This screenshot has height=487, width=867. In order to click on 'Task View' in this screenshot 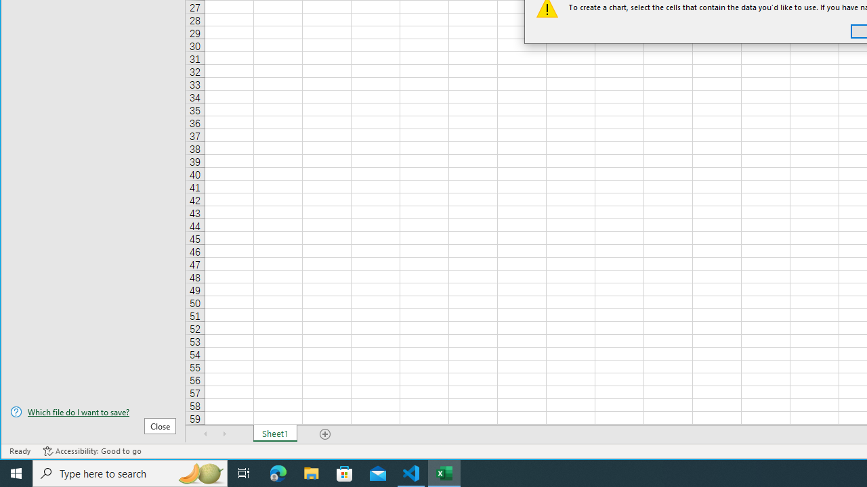, I will do `click(243, 472)`.